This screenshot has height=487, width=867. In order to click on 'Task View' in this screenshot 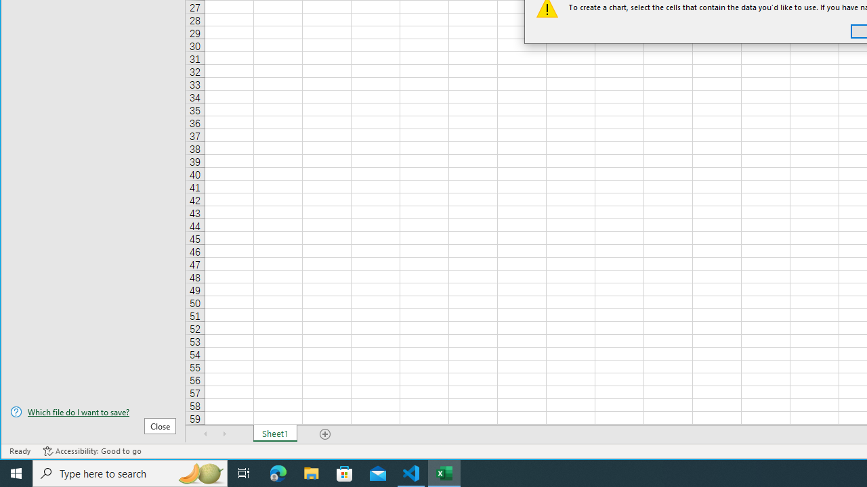, I will do `click(243, 472)`.